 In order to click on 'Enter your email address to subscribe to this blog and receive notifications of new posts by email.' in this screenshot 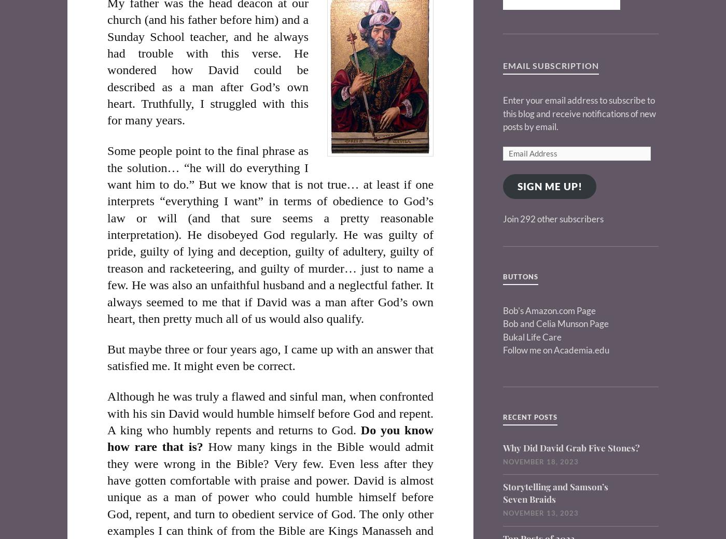, I will do `click(579, 114)`.